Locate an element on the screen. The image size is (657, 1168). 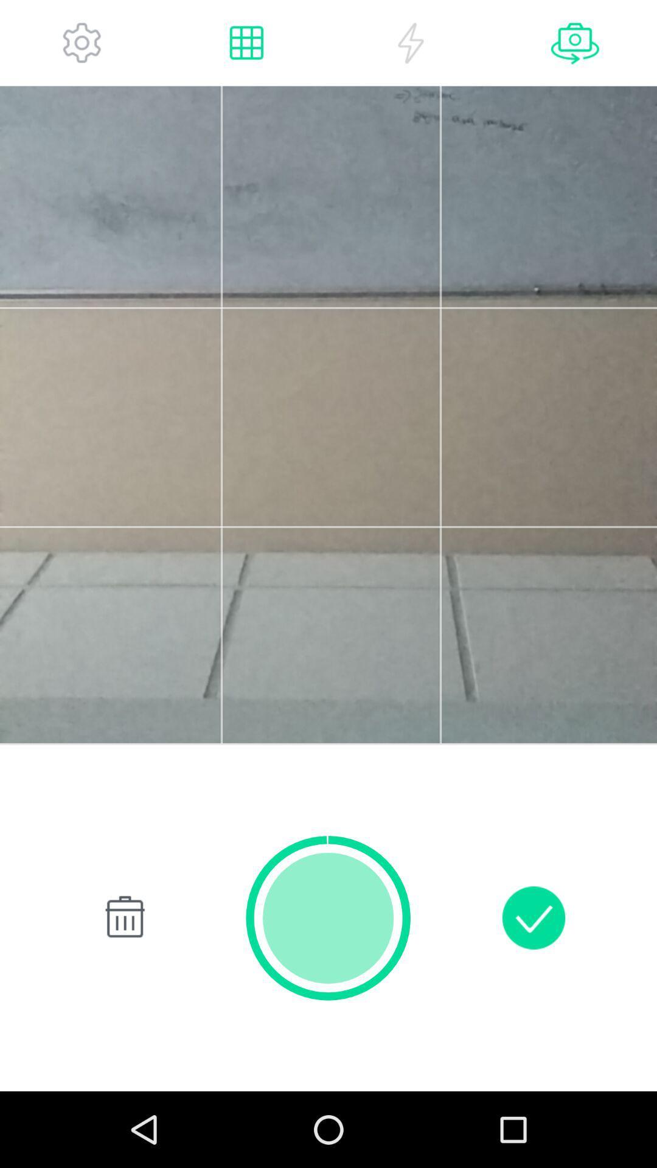
flash option is located at coordinates (411, 43).